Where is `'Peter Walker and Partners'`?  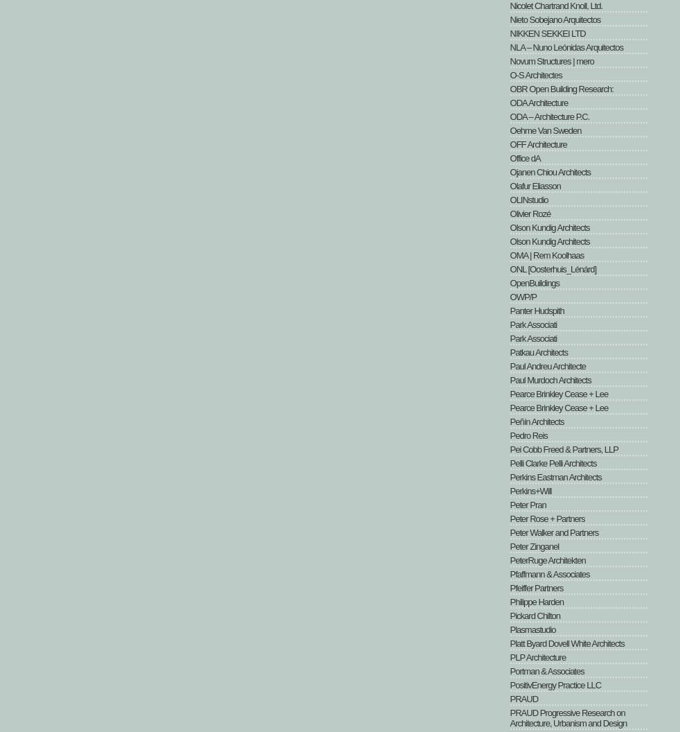
'Peter Walker and Partners' is located at coordinates (509, 532).